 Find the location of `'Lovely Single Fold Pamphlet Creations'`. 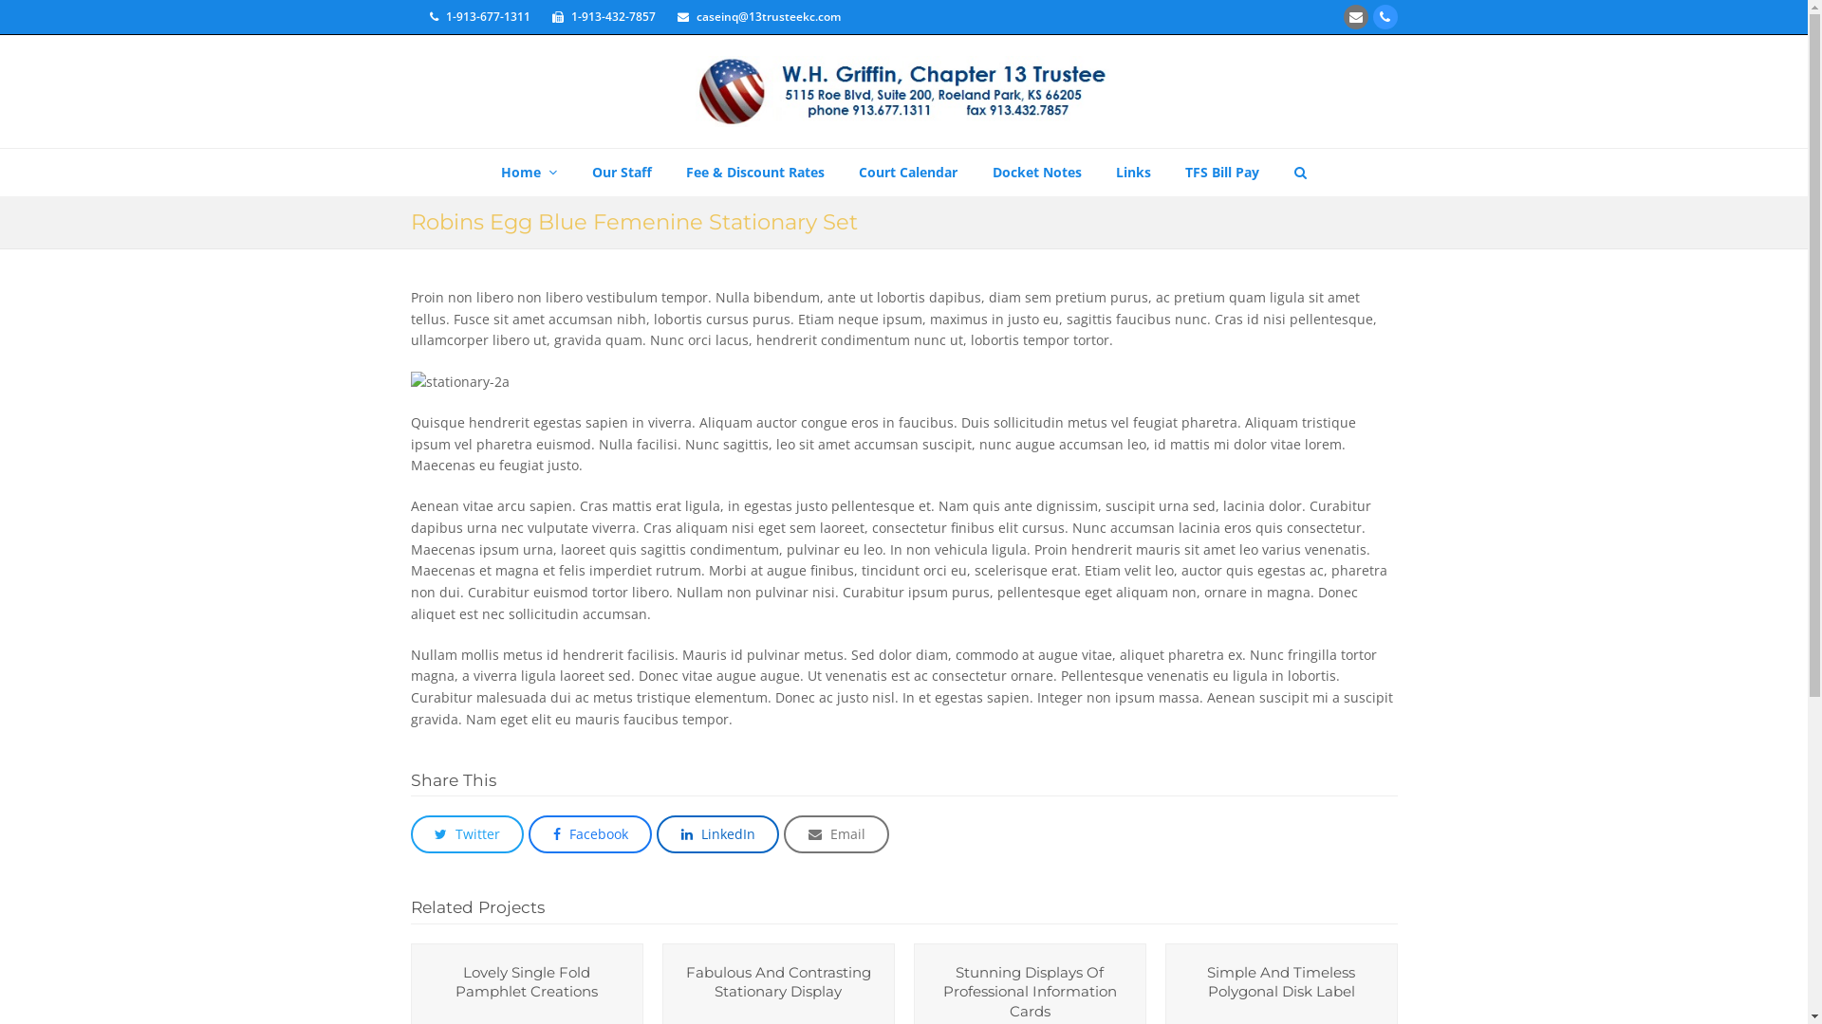

'Lovely Single Fold Pamphlet Creations' is located at coordinates (527, 981).